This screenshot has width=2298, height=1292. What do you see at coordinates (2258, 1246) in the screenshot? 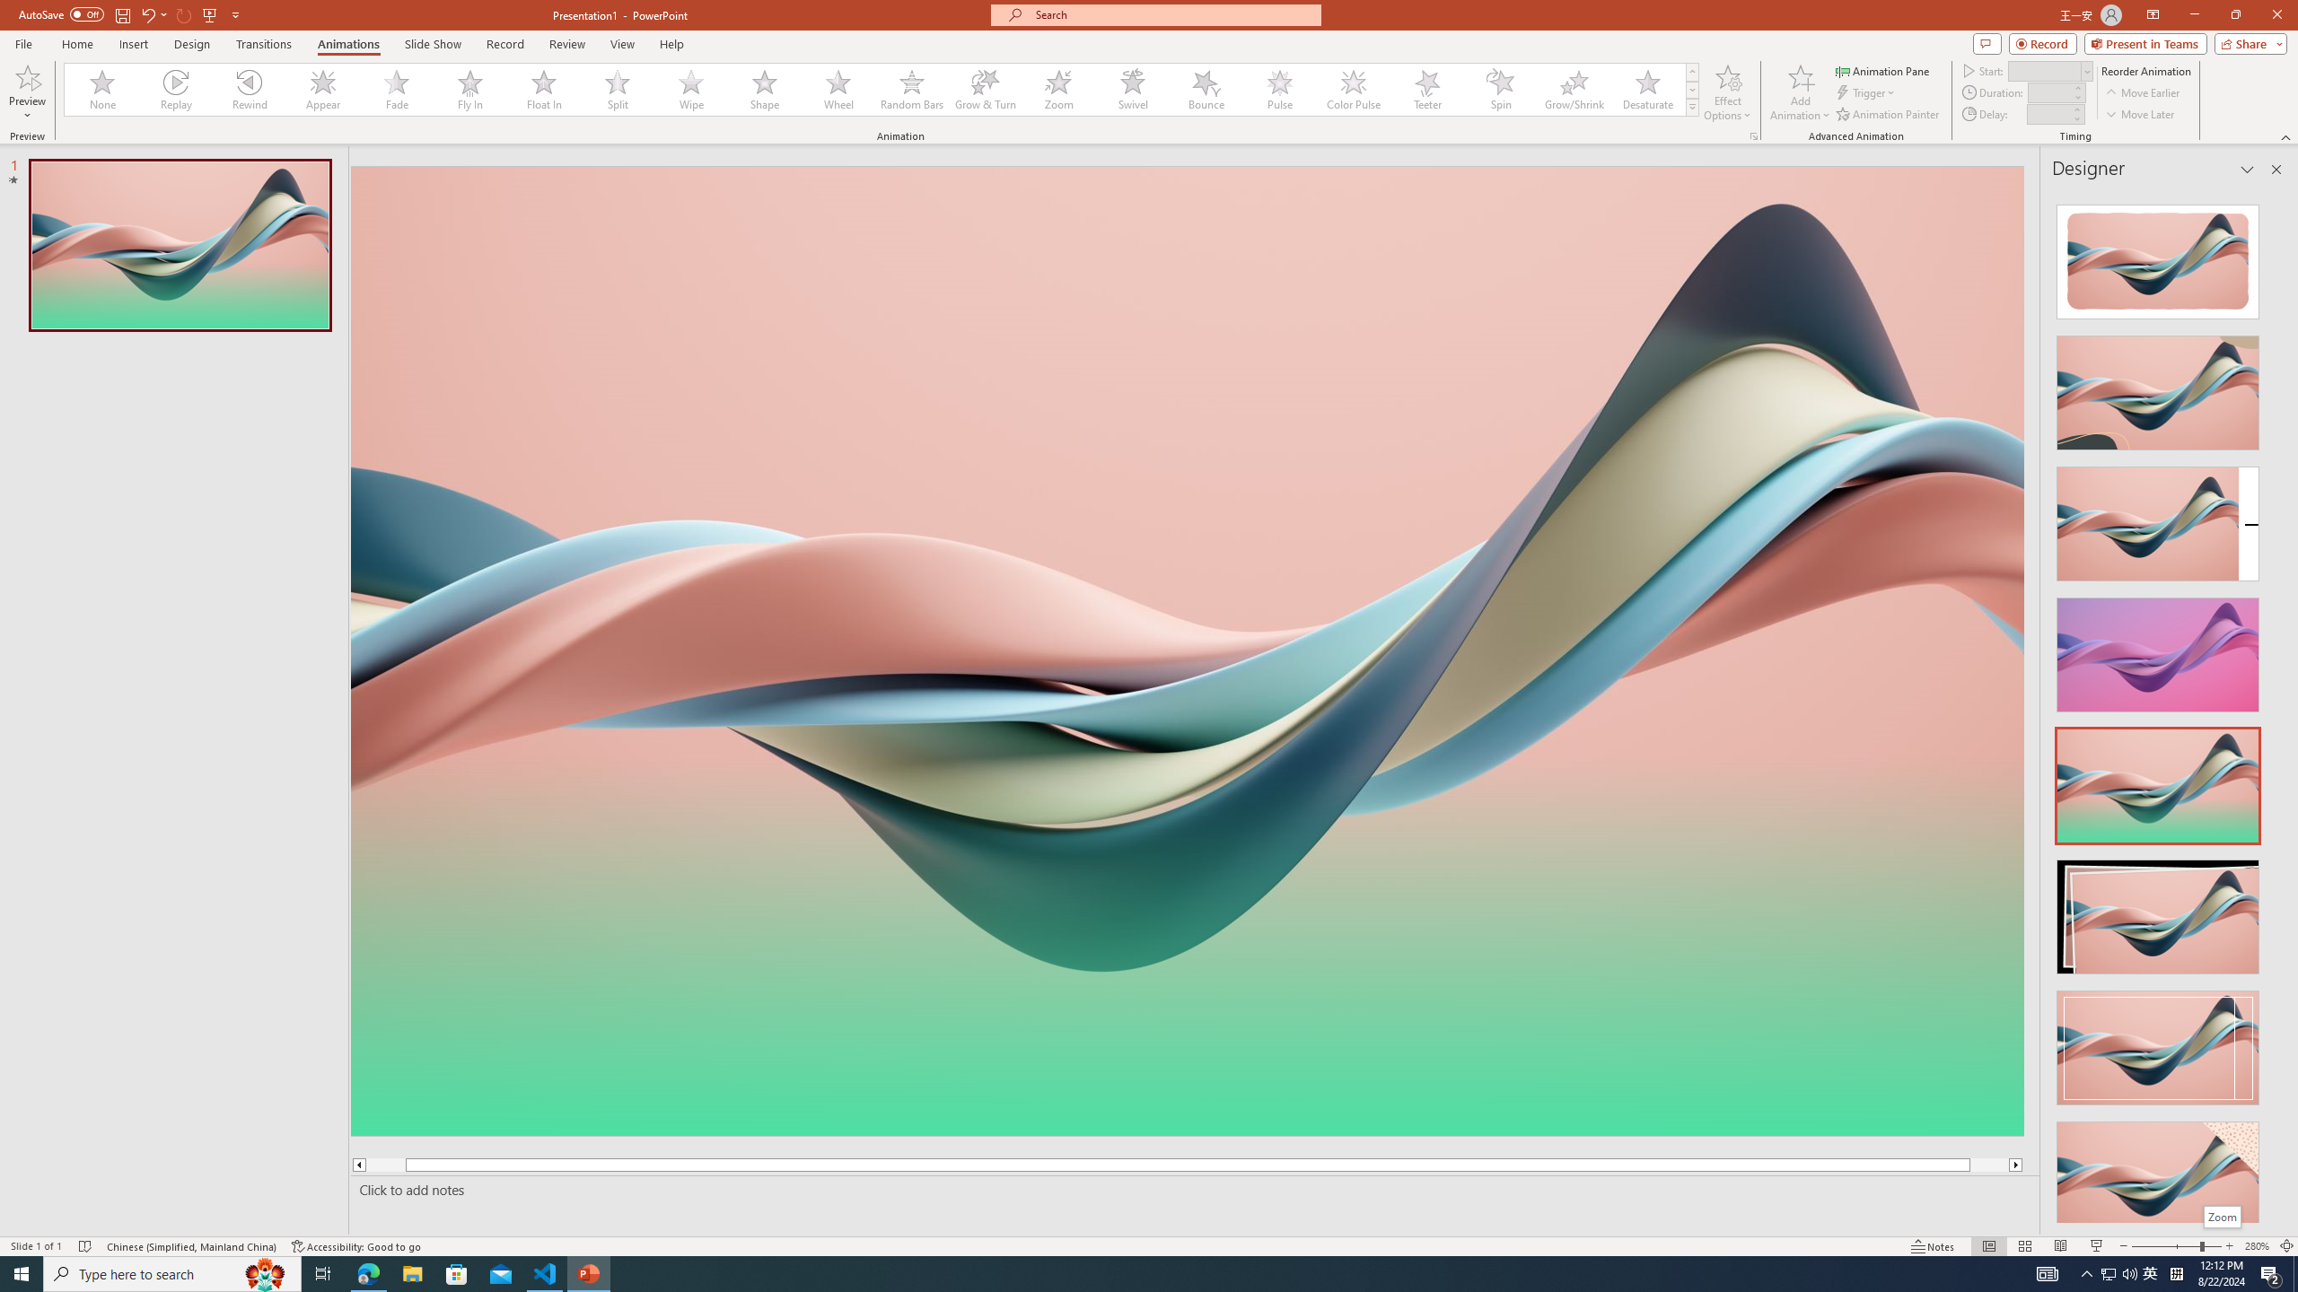
I see `'Zoom 280%'` at bounding box center [2258, 1246].